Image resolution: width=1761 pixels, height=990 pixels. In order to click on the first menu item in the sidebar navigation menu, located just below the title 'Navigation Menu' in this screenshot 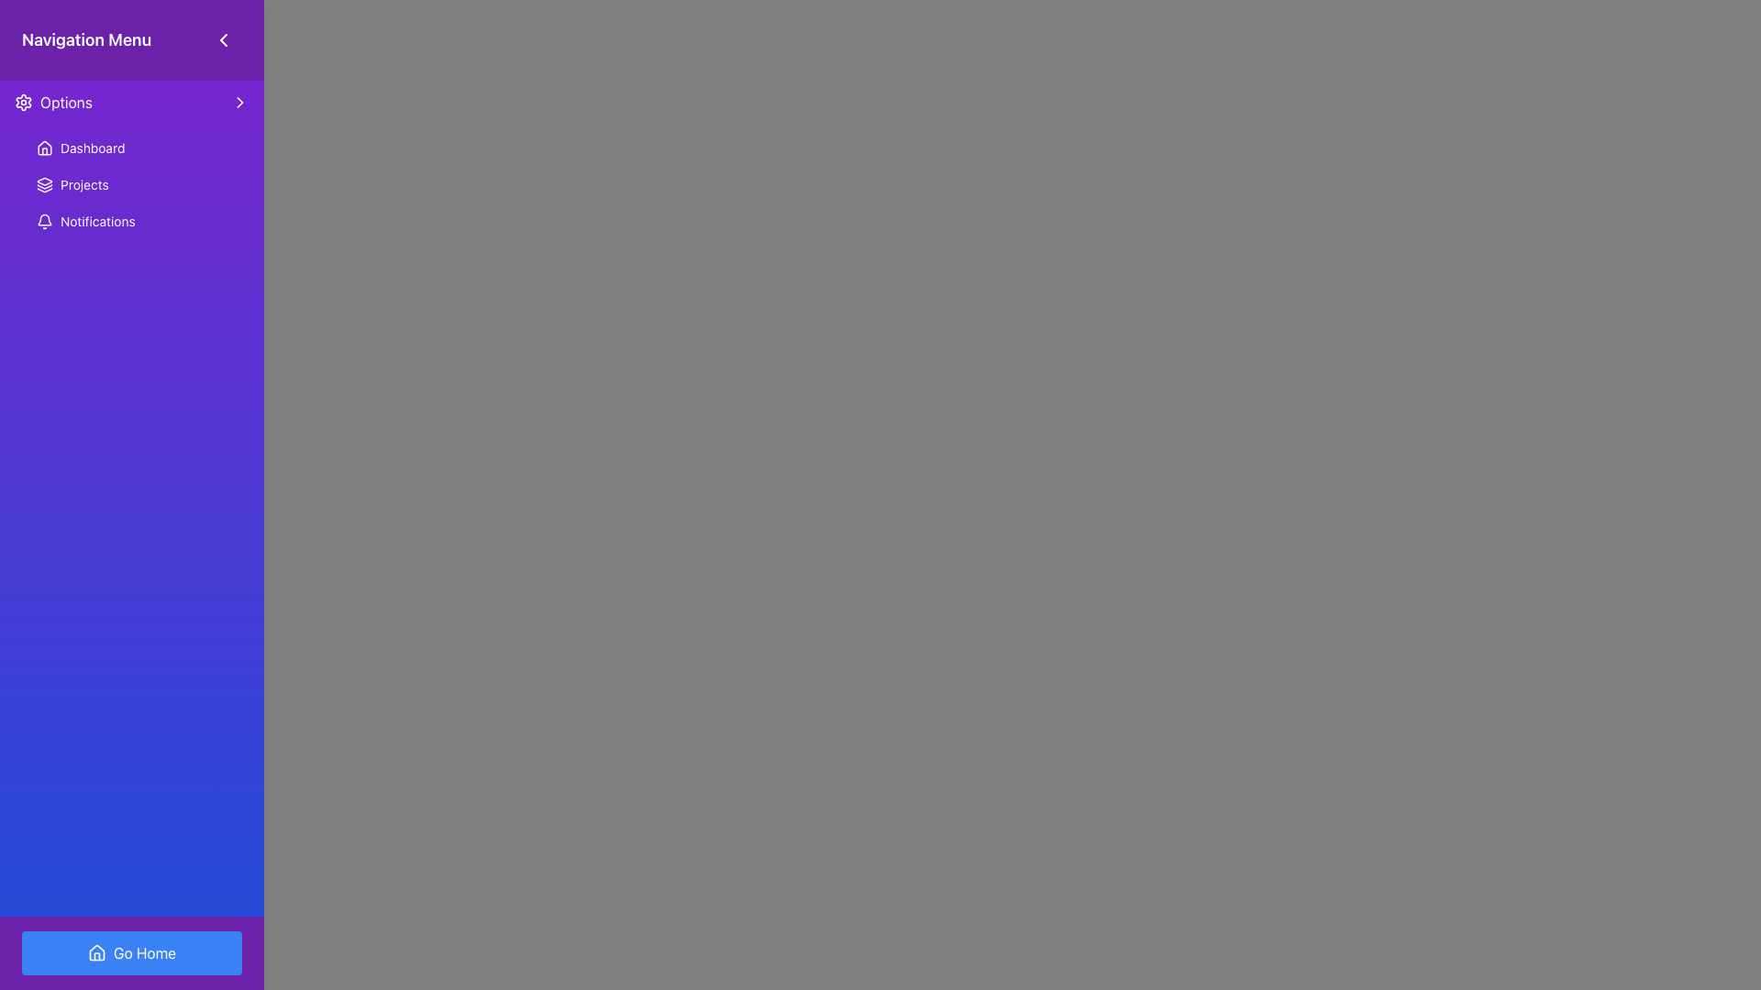, I will do `click(131, 102)`.